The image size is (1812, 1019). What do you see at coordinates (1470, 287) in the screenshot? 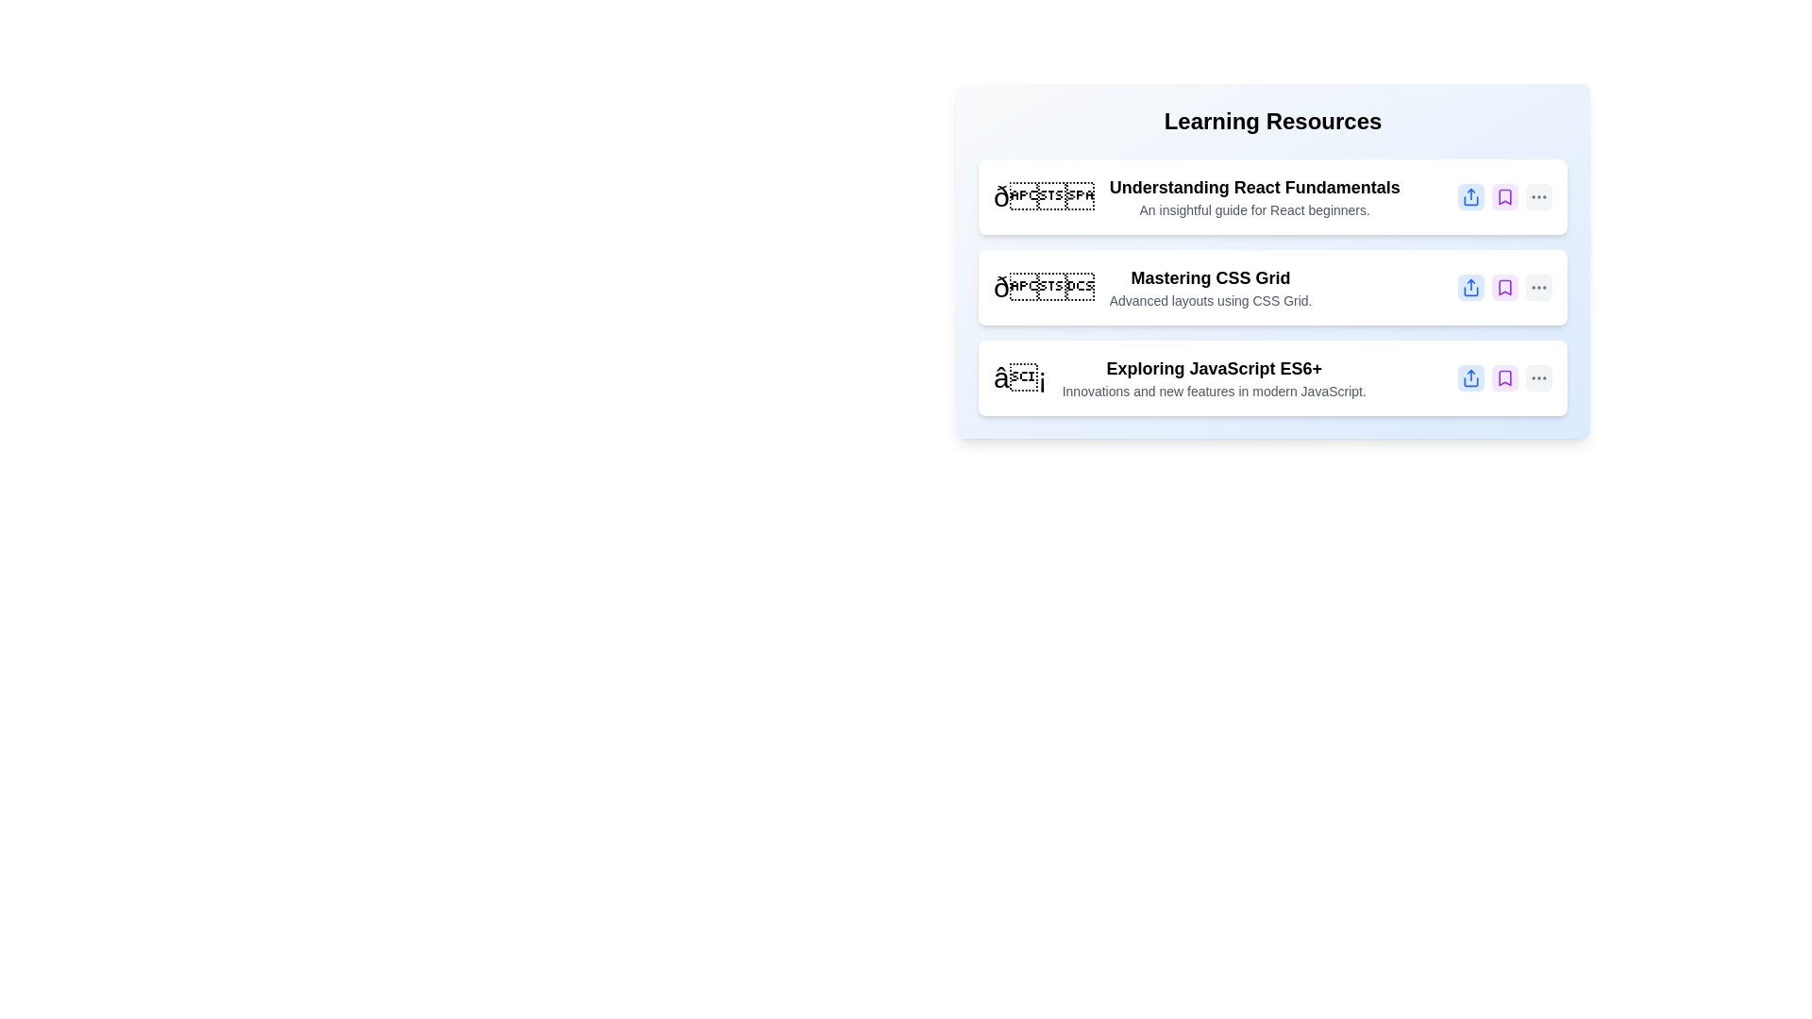
I see `Share button for the item titled 'Mastering CSS Grid'` at bounding box center [1470, 287].